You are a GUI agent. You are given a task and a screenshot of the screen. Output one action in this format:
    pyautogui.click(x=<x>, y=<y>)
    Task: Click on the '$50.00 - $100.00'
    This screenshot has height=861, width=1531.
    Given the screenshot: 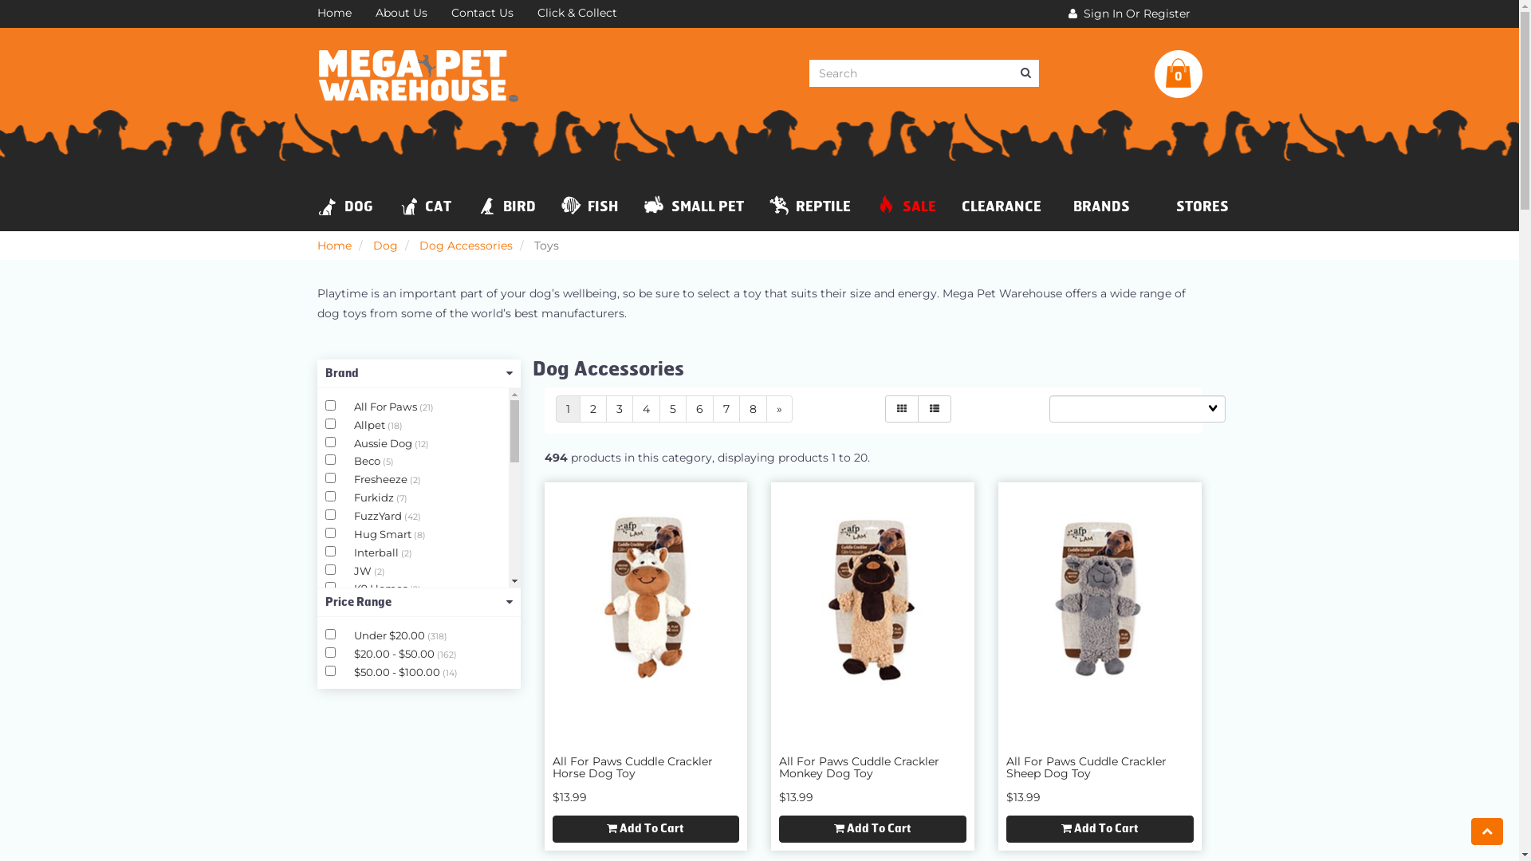 What is the action you would take?
    pyautogui.click(x=398, y=672)
    